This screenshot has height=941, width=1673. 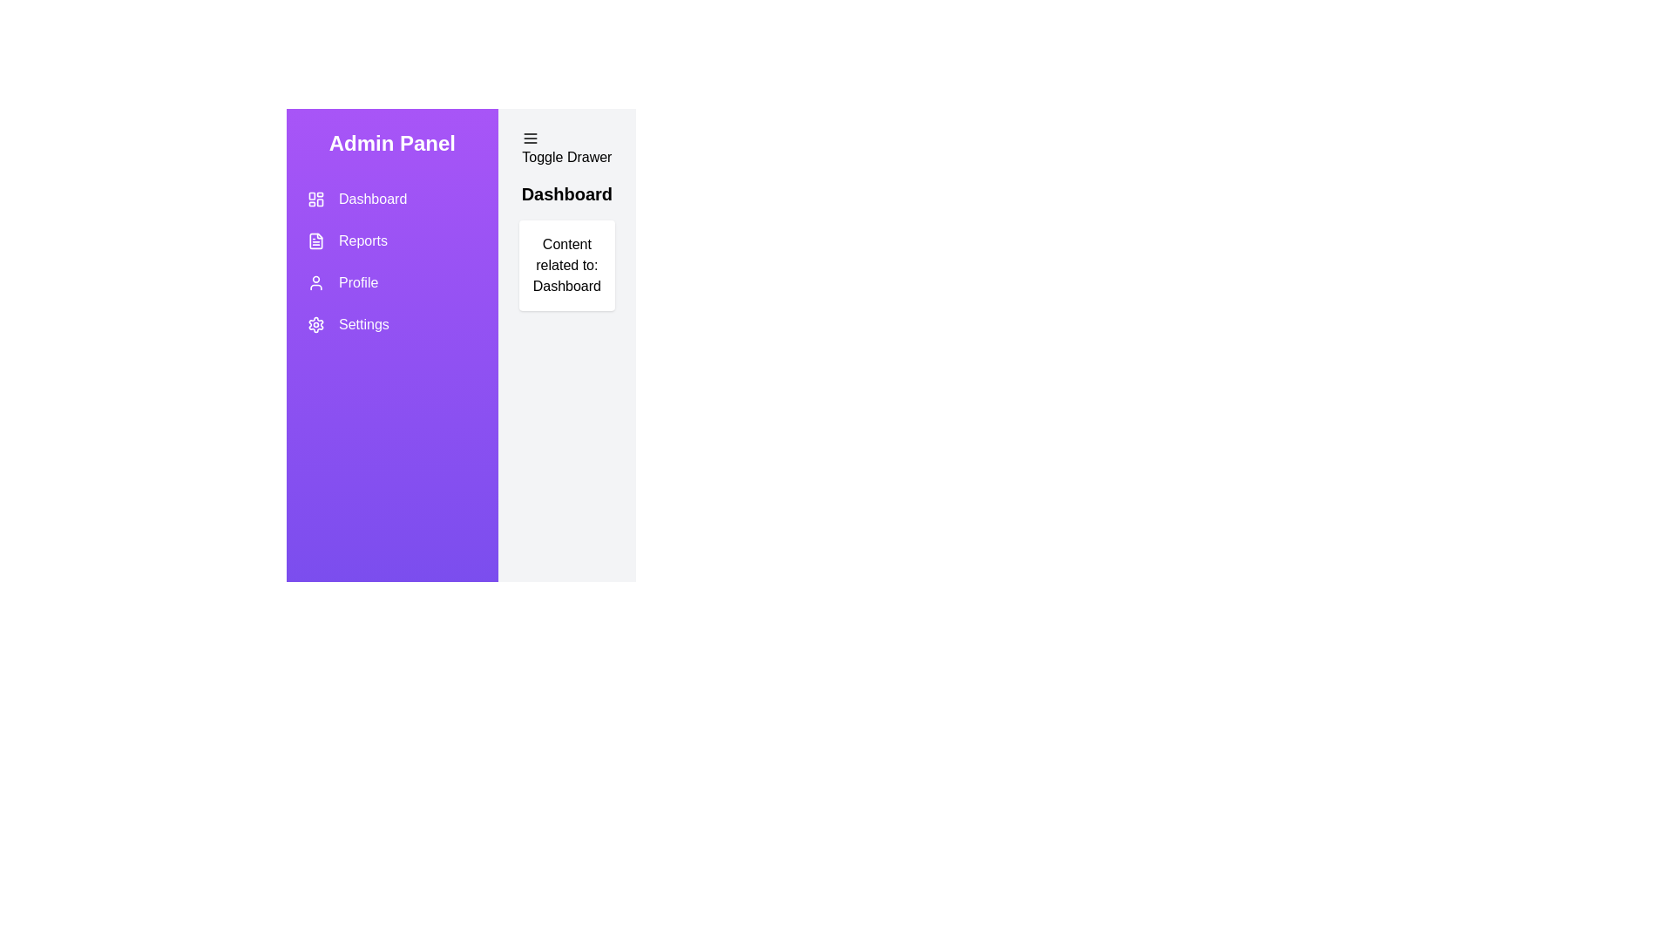 What do you see at coordinates (391, 241) in the screenshot?
I see `the Reports section from the navigation menu` at bounding box center [391, 241].